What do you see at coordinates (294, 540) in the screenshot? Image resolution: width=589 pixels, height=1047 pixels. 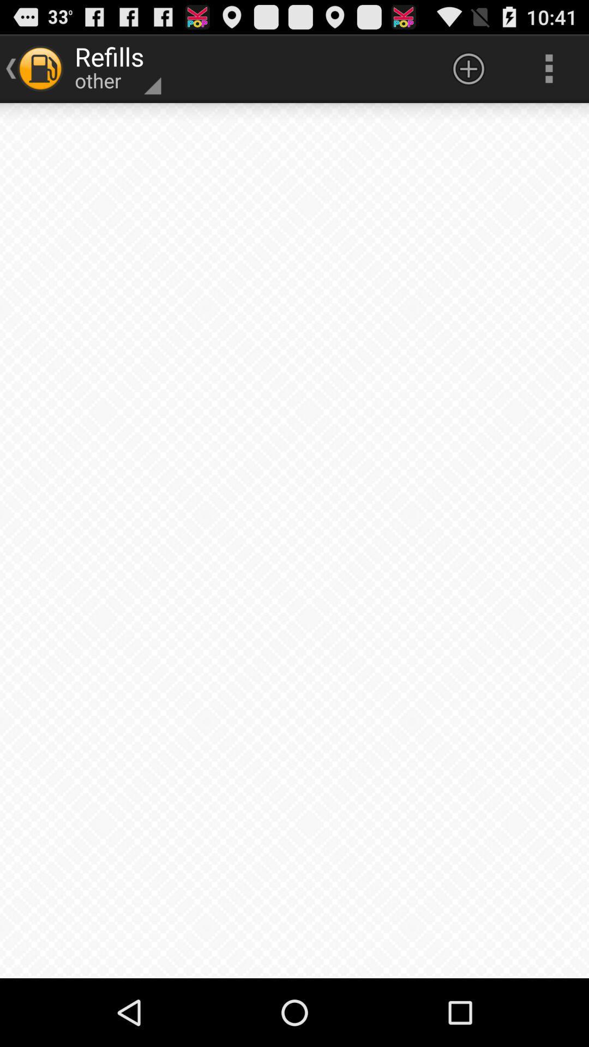 I see `the particular page` at bounding box center [294, 540].